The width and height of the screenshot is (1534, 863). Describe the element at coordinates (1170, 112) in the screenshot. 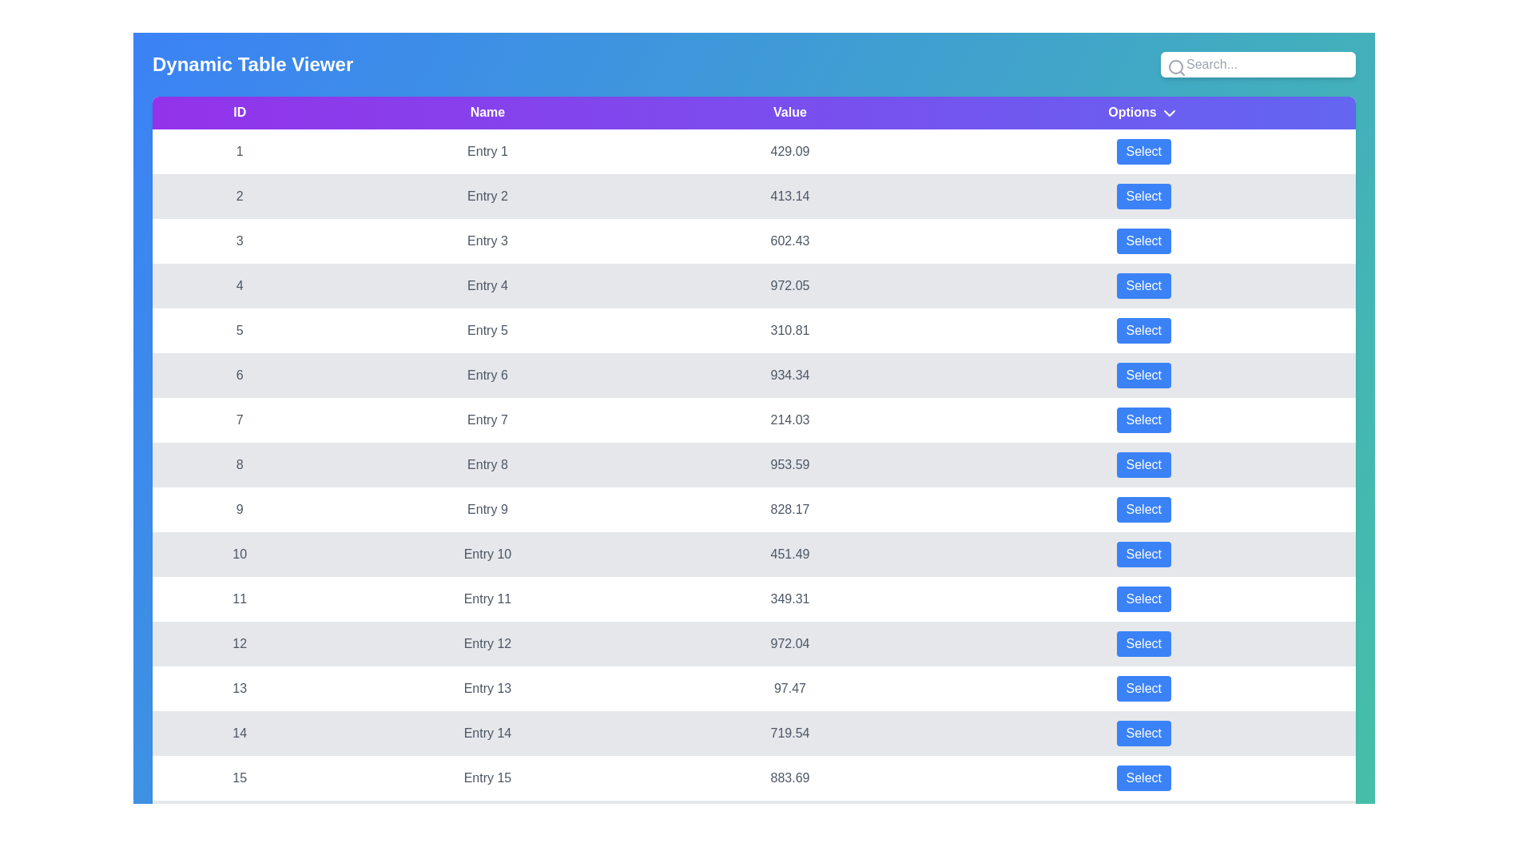

I see `the 'Options' dropdown in the table header to open sorting or filtering options` at that location.